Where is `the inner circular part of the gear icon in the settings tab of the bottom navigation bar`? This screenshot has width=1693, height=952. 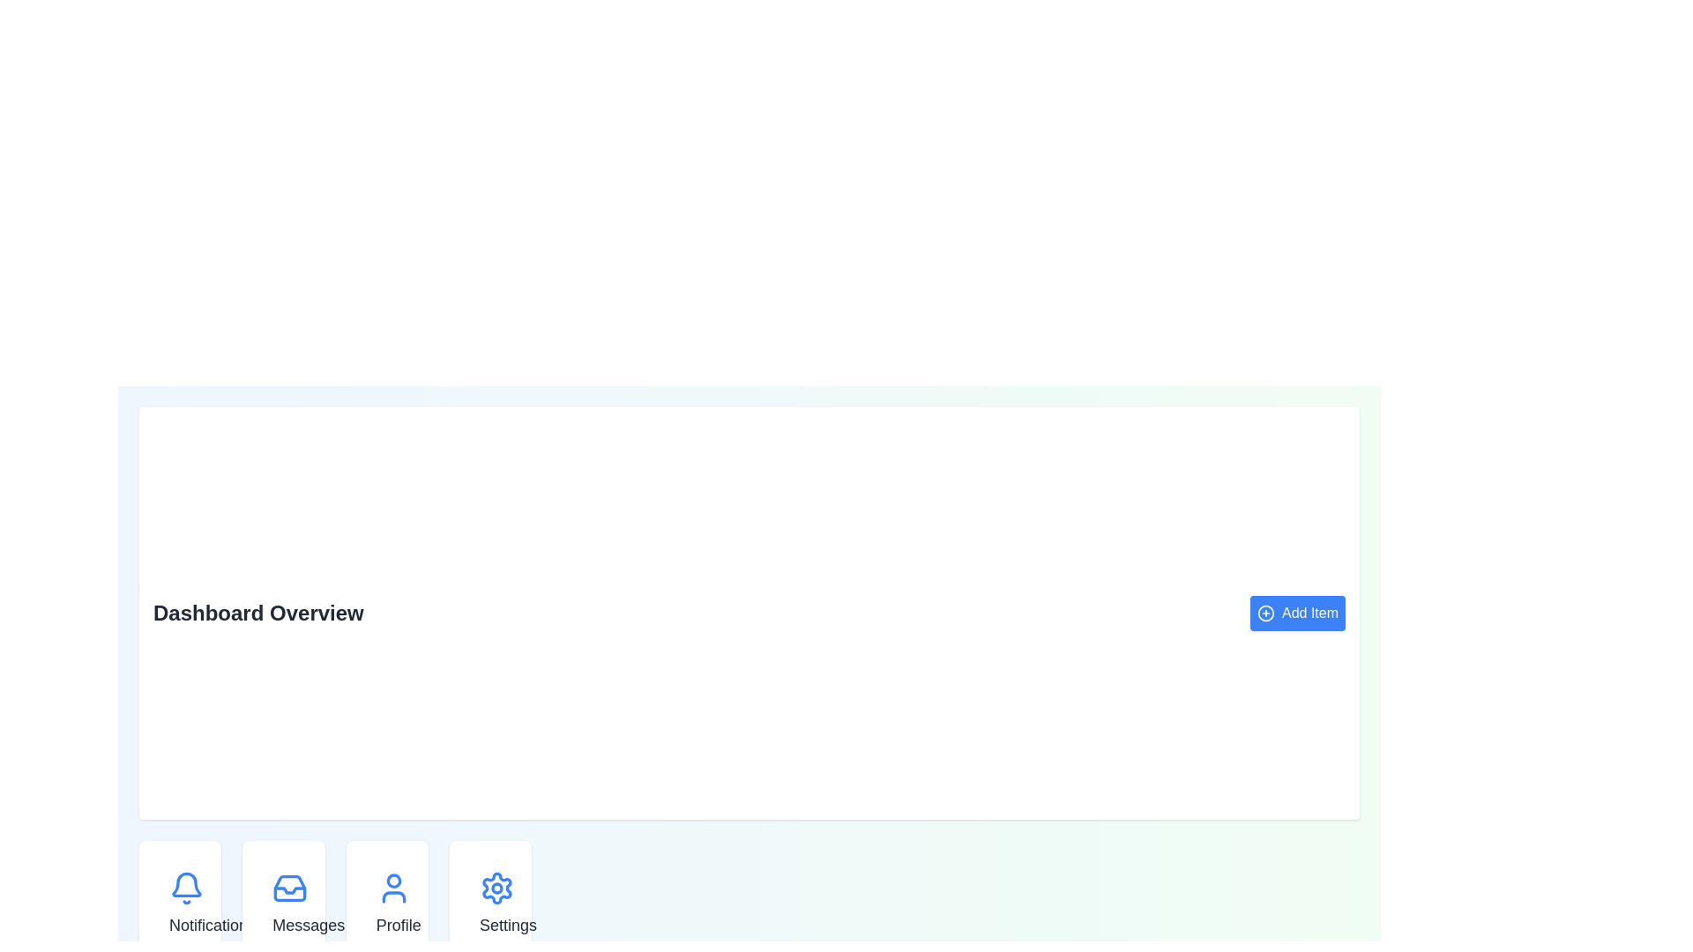 the inner circular part of the gear icon in the settings tab of the bottom navigation bar is located at coordinates (496, 888).